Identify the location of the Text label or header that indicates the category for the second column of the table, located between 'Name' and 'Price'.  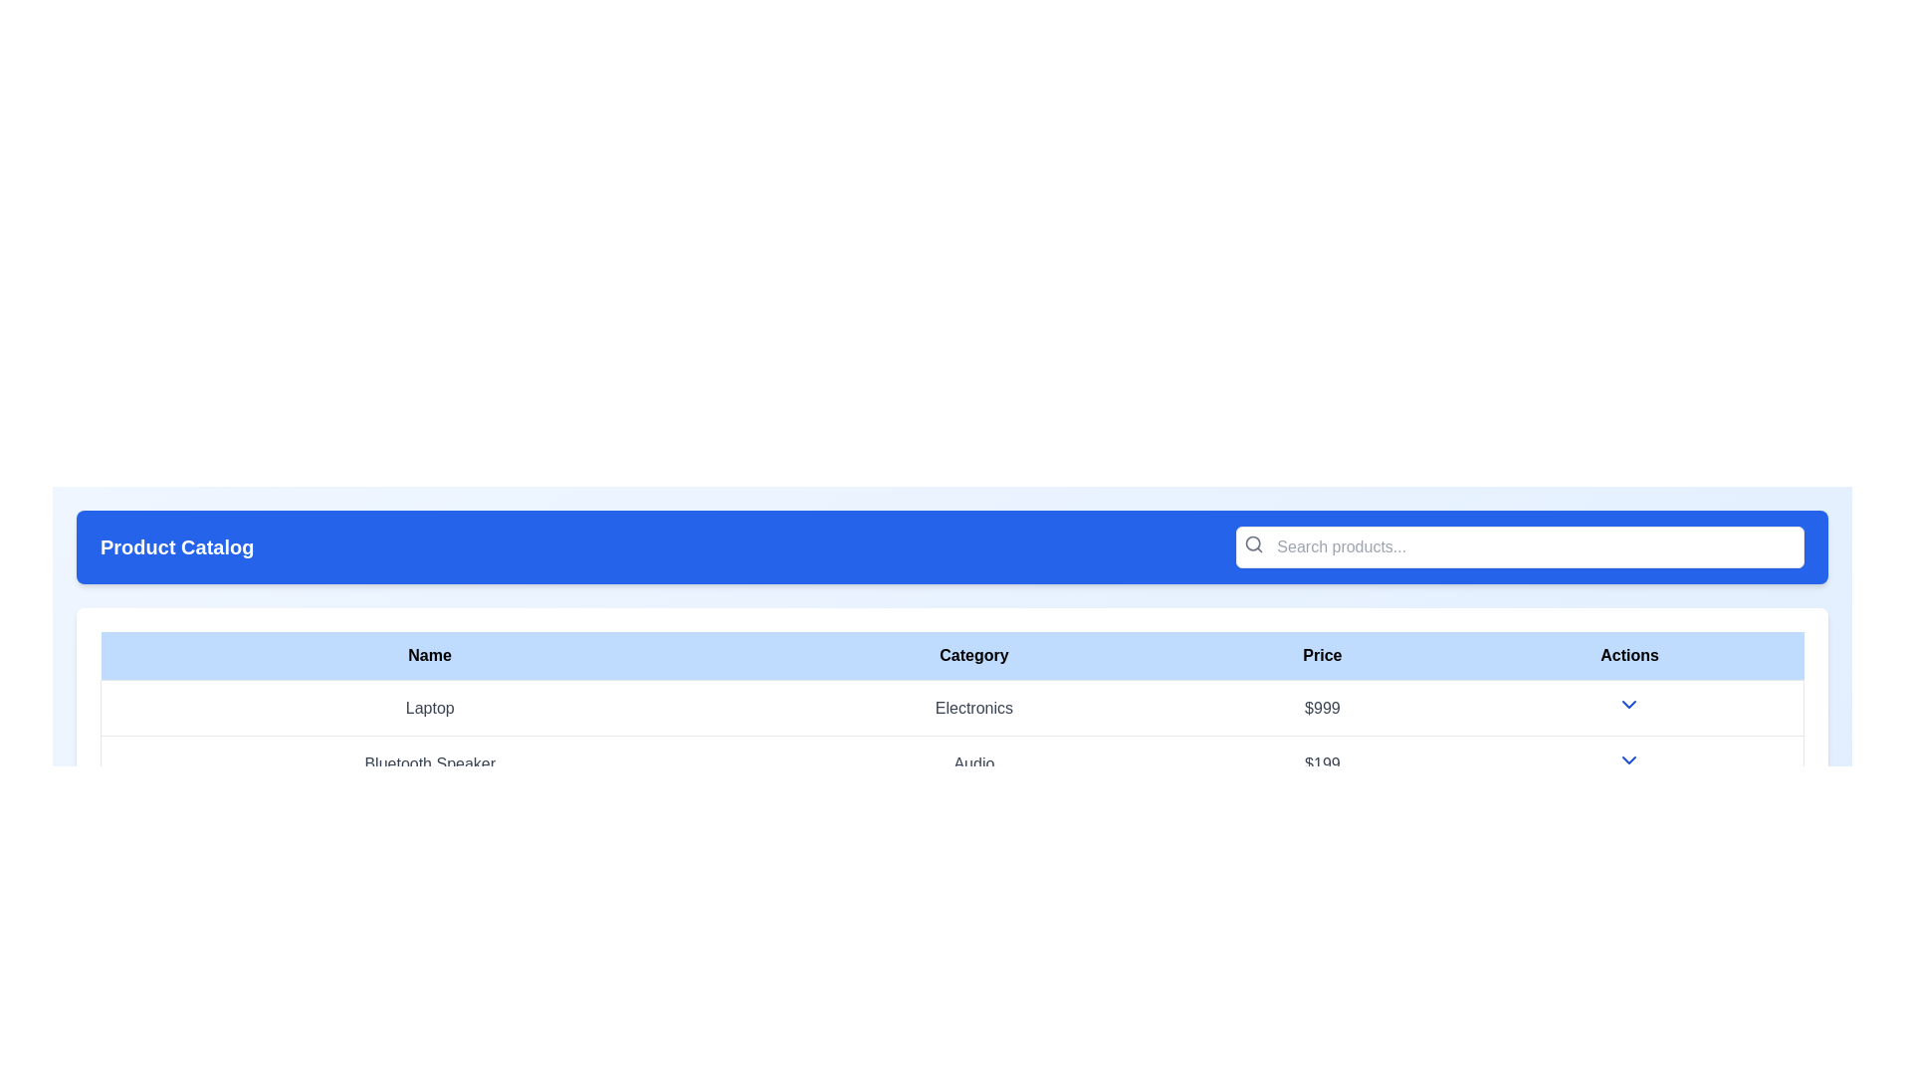
(973, 656).